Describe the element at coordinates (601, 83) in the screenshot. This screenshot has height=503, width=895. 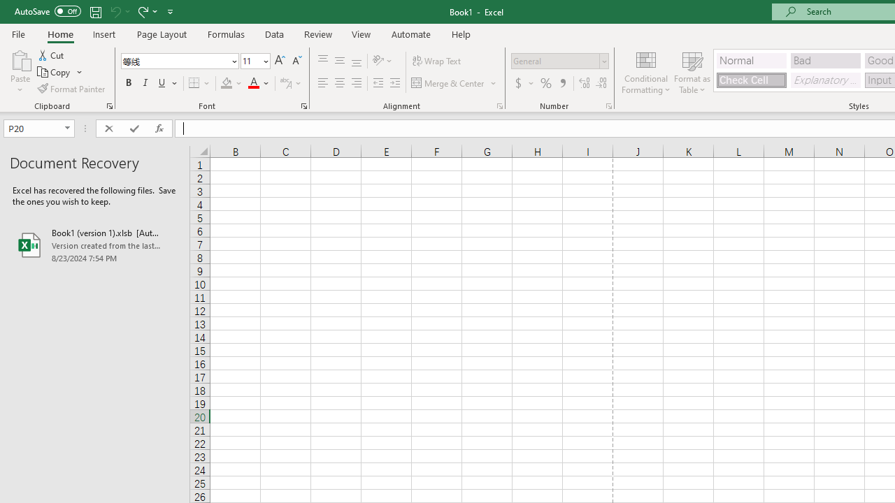
I see `'Decrease Decimal'` at that location.